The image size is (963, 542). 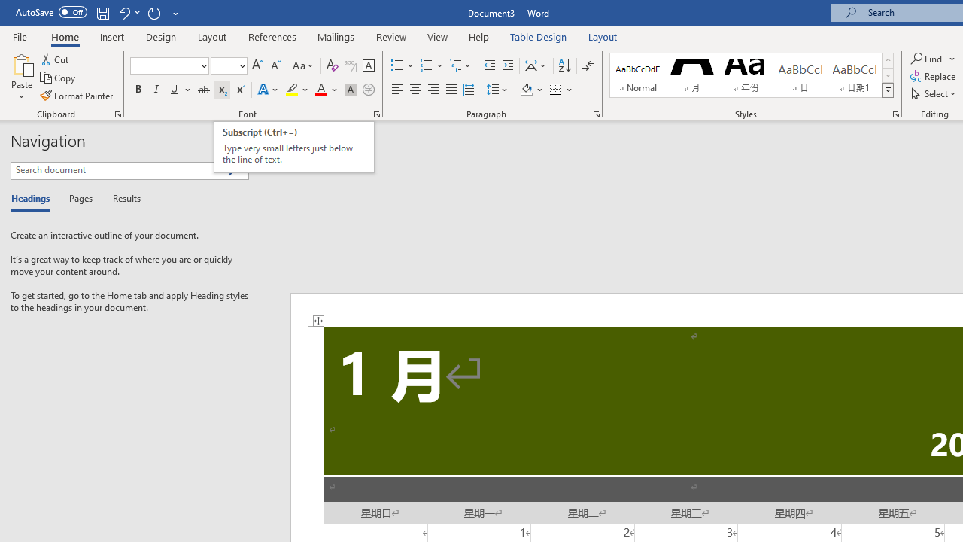 I want to click on 'Italic', so click(x=156, y=90).